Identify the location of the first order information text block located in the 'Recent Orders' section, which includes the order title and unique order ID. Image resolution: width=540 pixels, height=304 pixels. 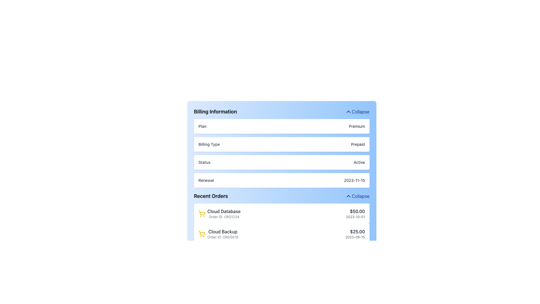
(224, 214).